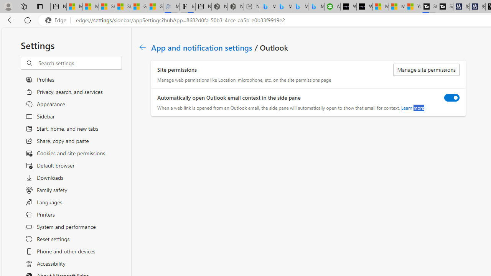 Image resolution: width=491 pixels, height=276 pixels. I want to click on 'Go back to App and notification settings page.', so click(143, 47).